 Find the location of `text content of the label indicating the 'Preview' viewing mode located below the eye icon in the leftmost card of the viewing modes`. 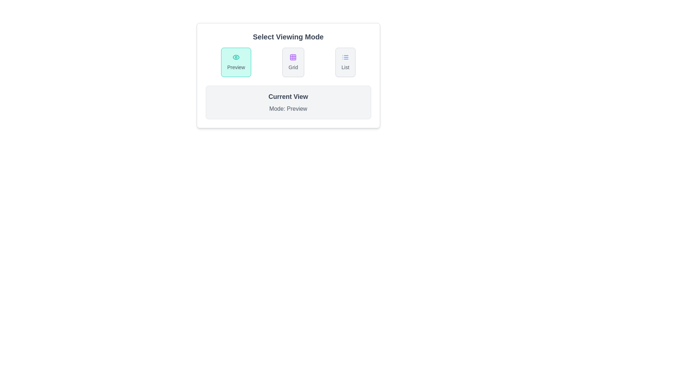

text content of the label indicating the 'Preview' viewing mode located below the eye icon in the leftmost card of the viewing modes is located at coordinates (236, 67).